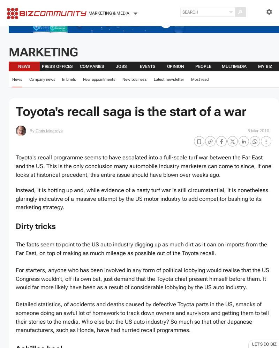  What do you see at coordinates (130, 111) in the screenshot?
I see `'Toyota's recall saga is the start of a war'` at bounding box center [130, 111].